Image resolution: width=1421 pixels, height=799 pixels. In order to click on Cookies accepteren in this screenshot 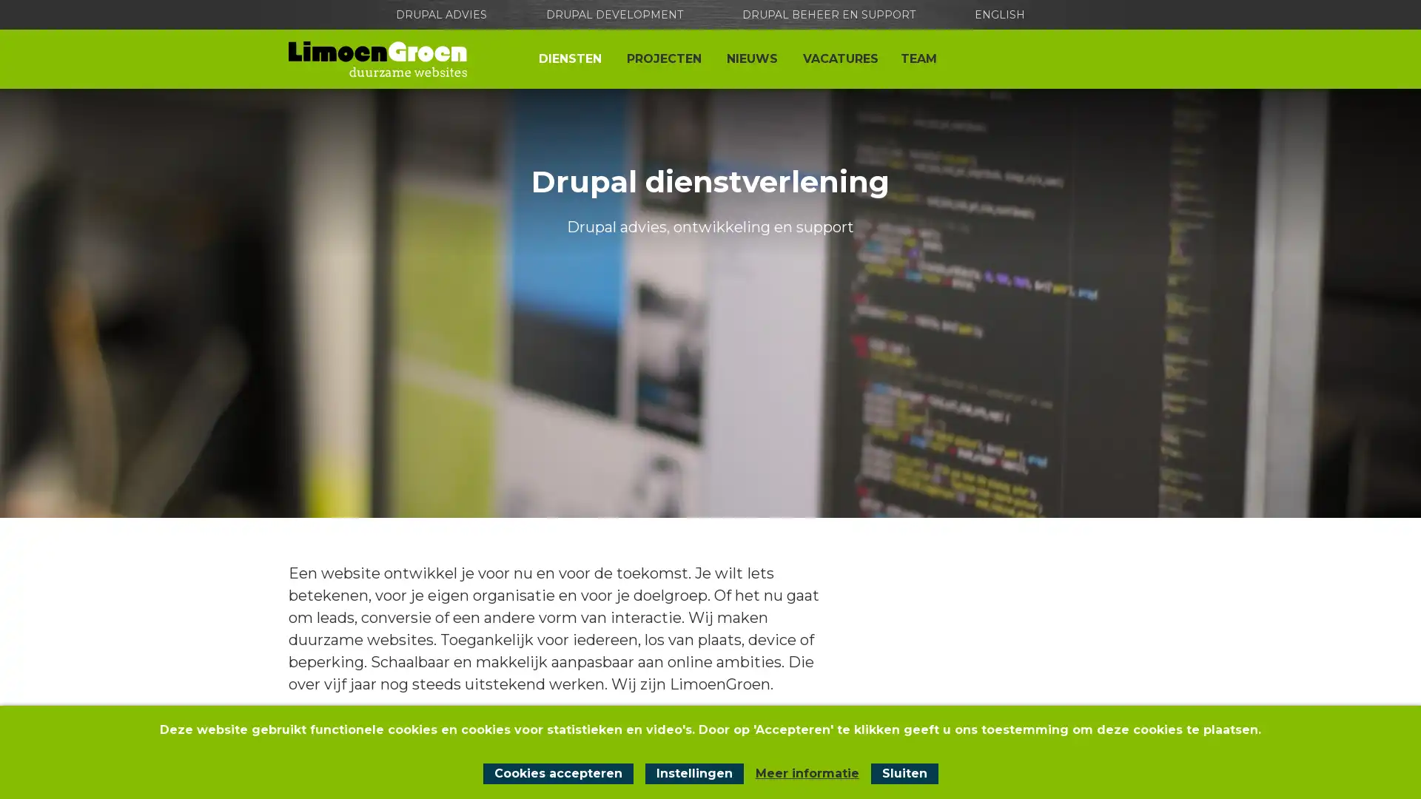, I will do `click(557, 772)`.